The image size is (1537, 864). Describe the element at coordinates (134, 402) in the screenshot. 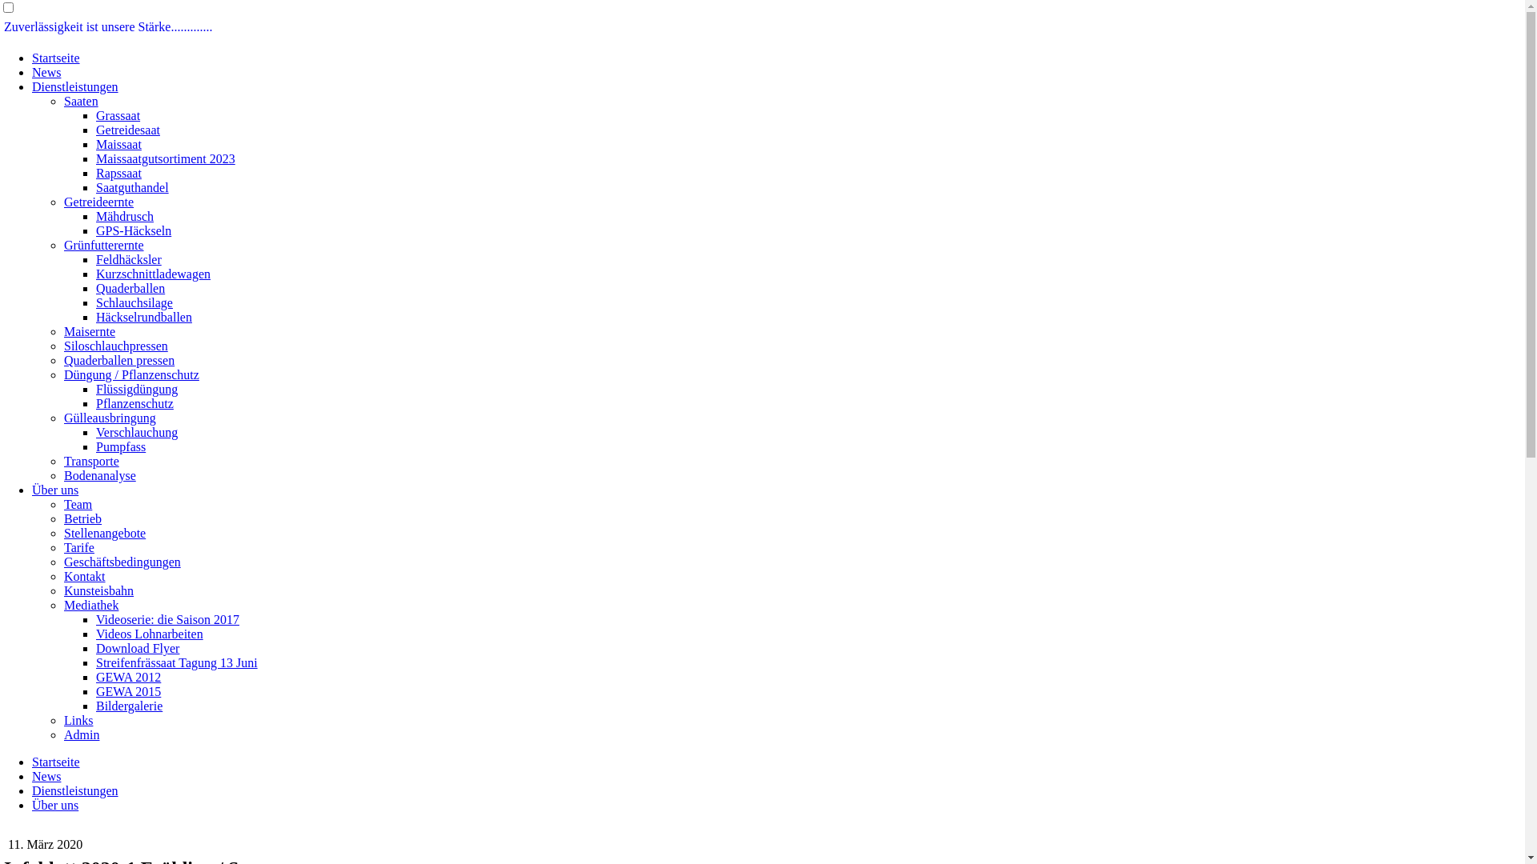

I see `'Pflanzenschutz'` at that location.